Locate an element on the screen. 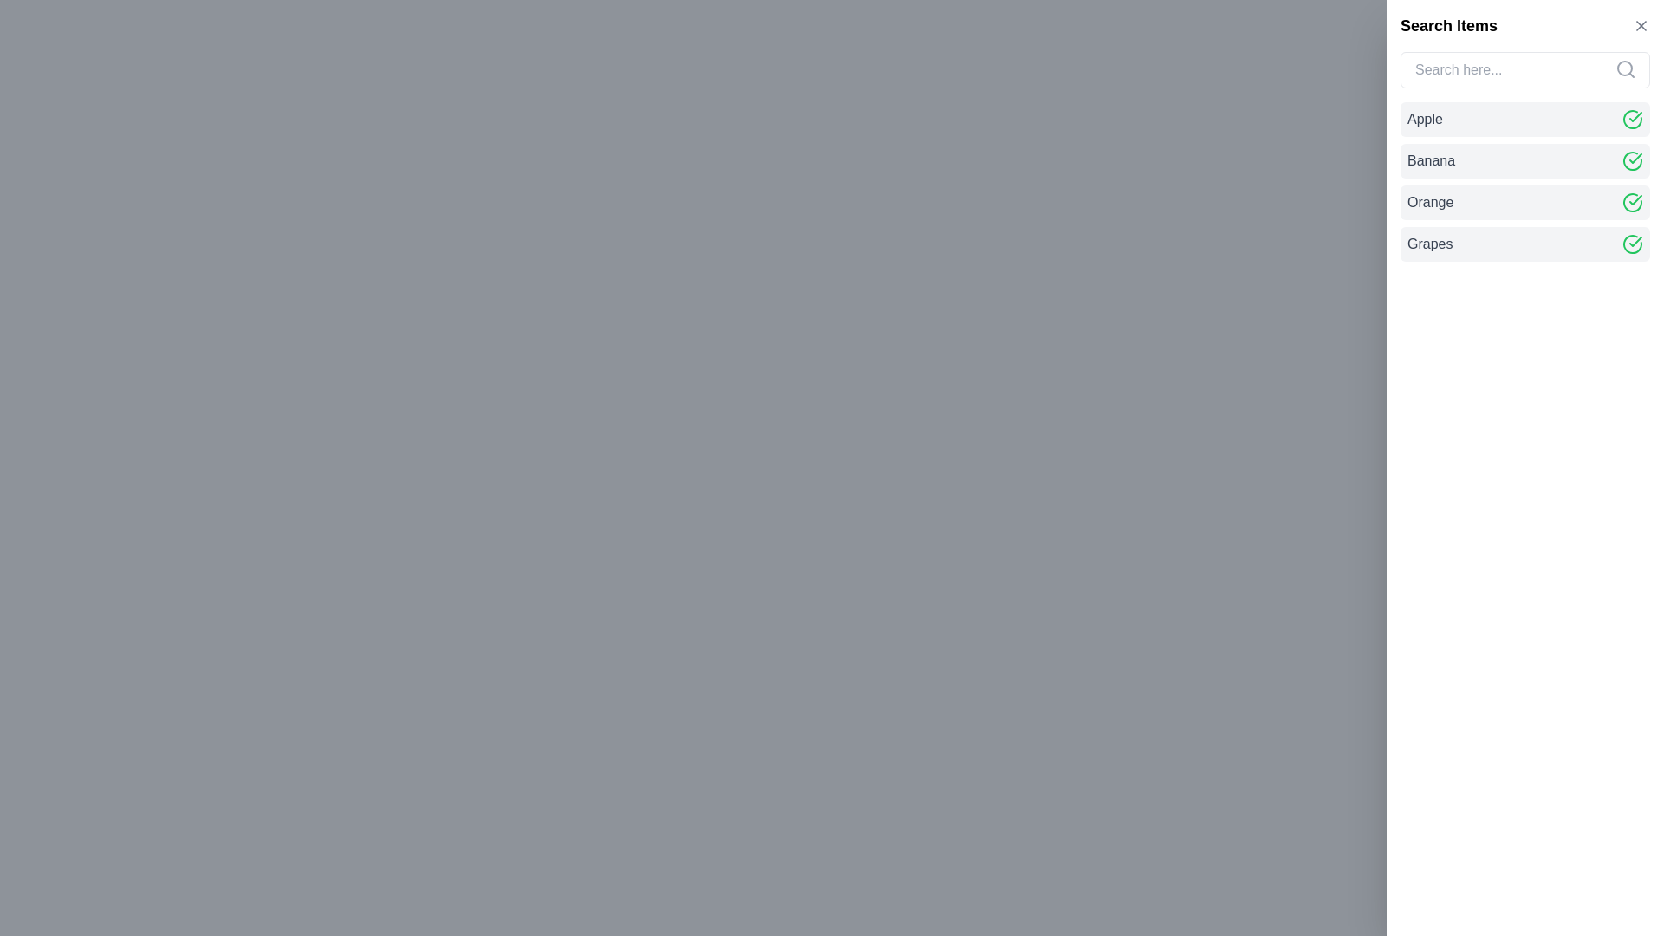 This screenshot has height=936, width=1664. the fourth item in the vertical selectable list located in the right sidebar is located at coordinates (1525, 244).